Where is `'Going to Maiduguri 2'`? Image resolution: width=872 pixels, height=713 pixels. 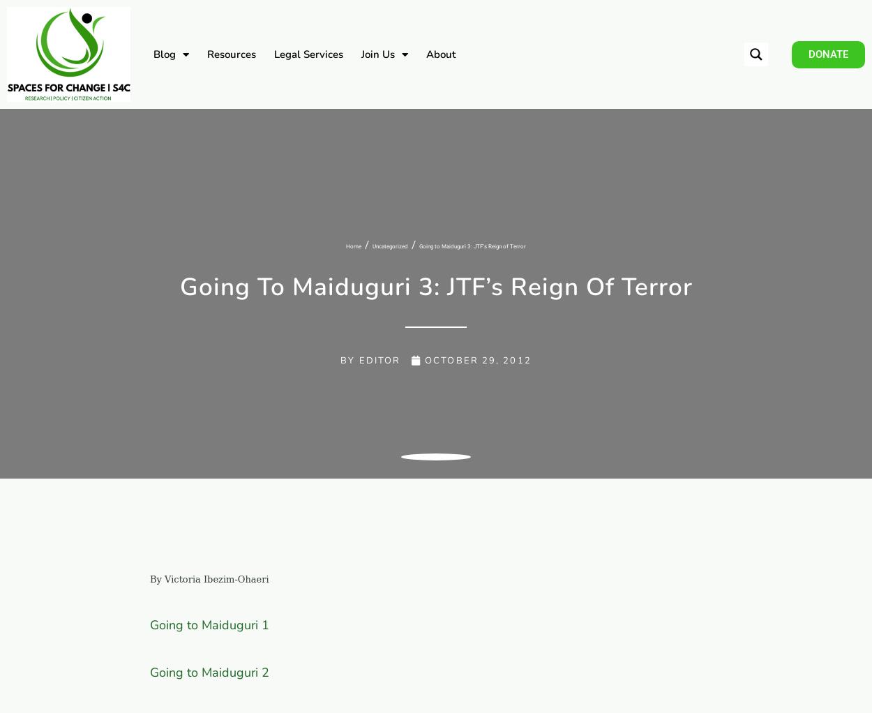
'Going to Maiduguri 2' is located at coordinates (209, 671).